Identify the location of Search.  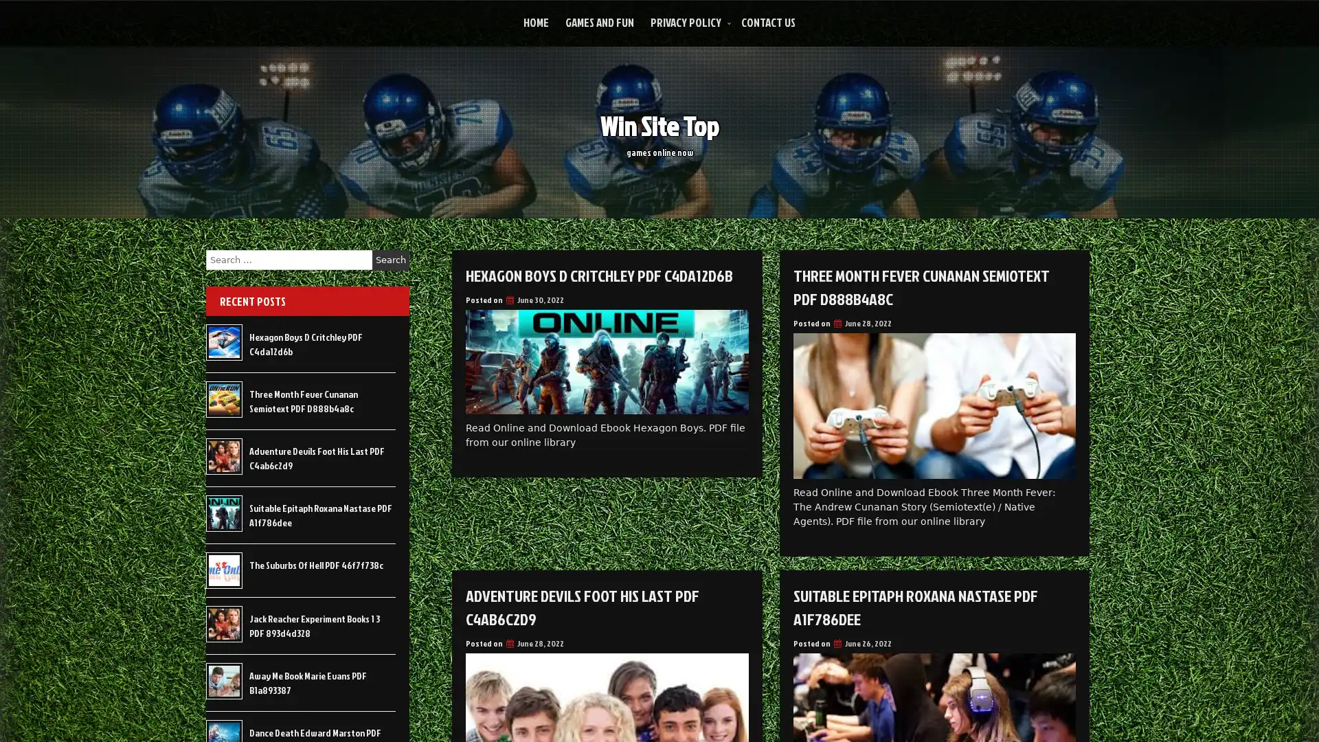
(390, 260).